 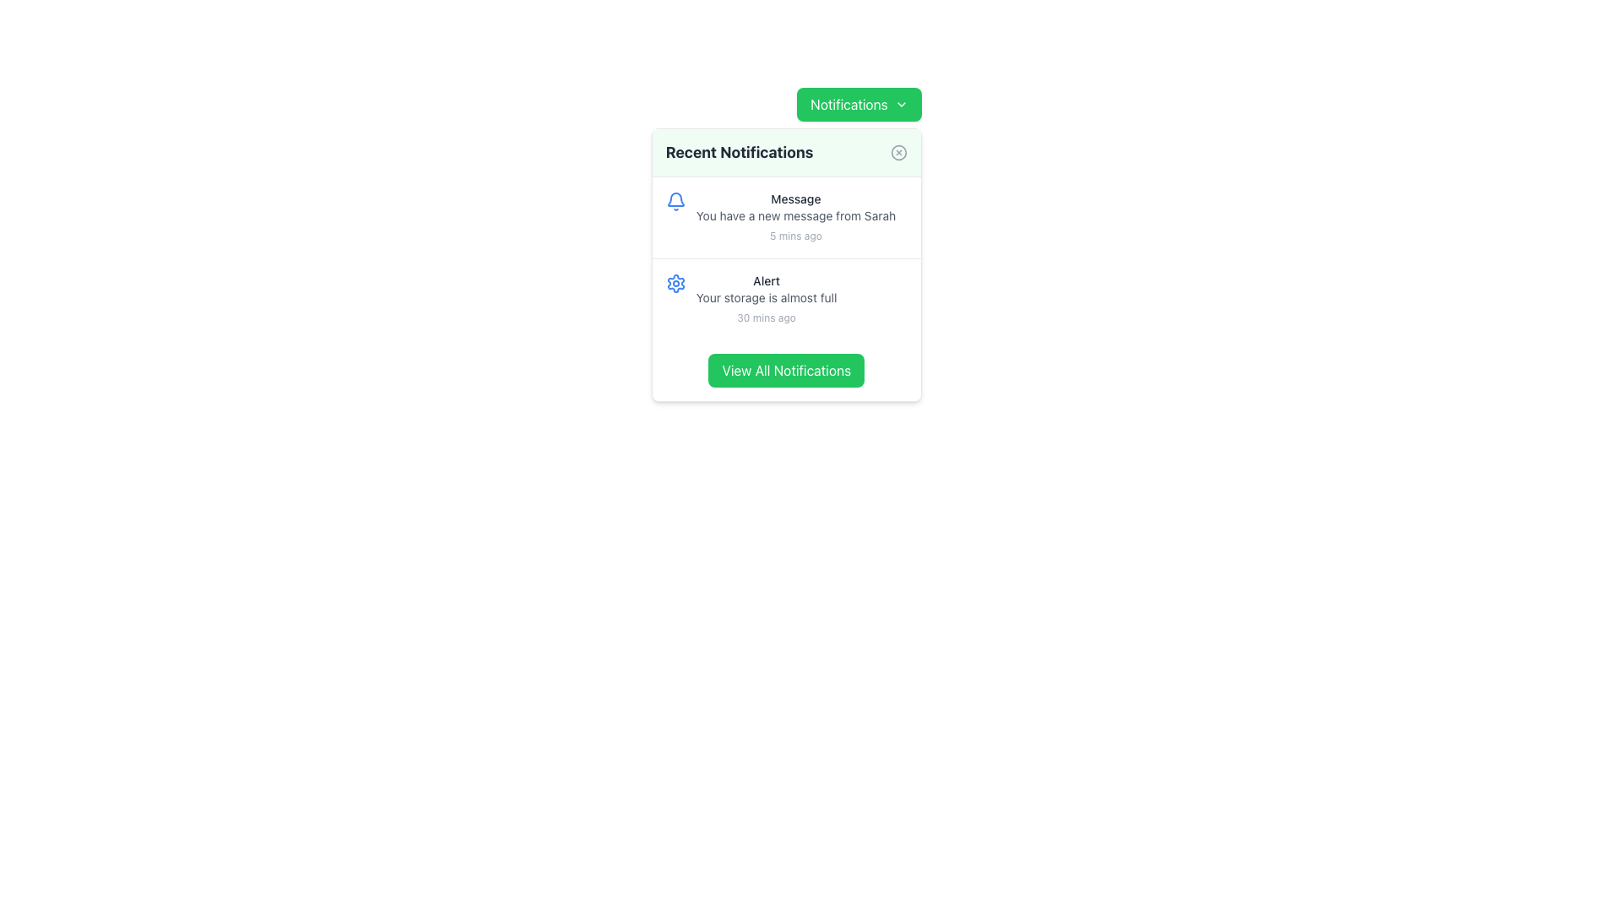 What do you see at coordinates (794, 214) in the screenshot?
I see `the text element reading 'You have a new message from Sarah', which is styled in gray and located within the notification interface, directly below the title 'Message'` at bounding box center [794, 214].